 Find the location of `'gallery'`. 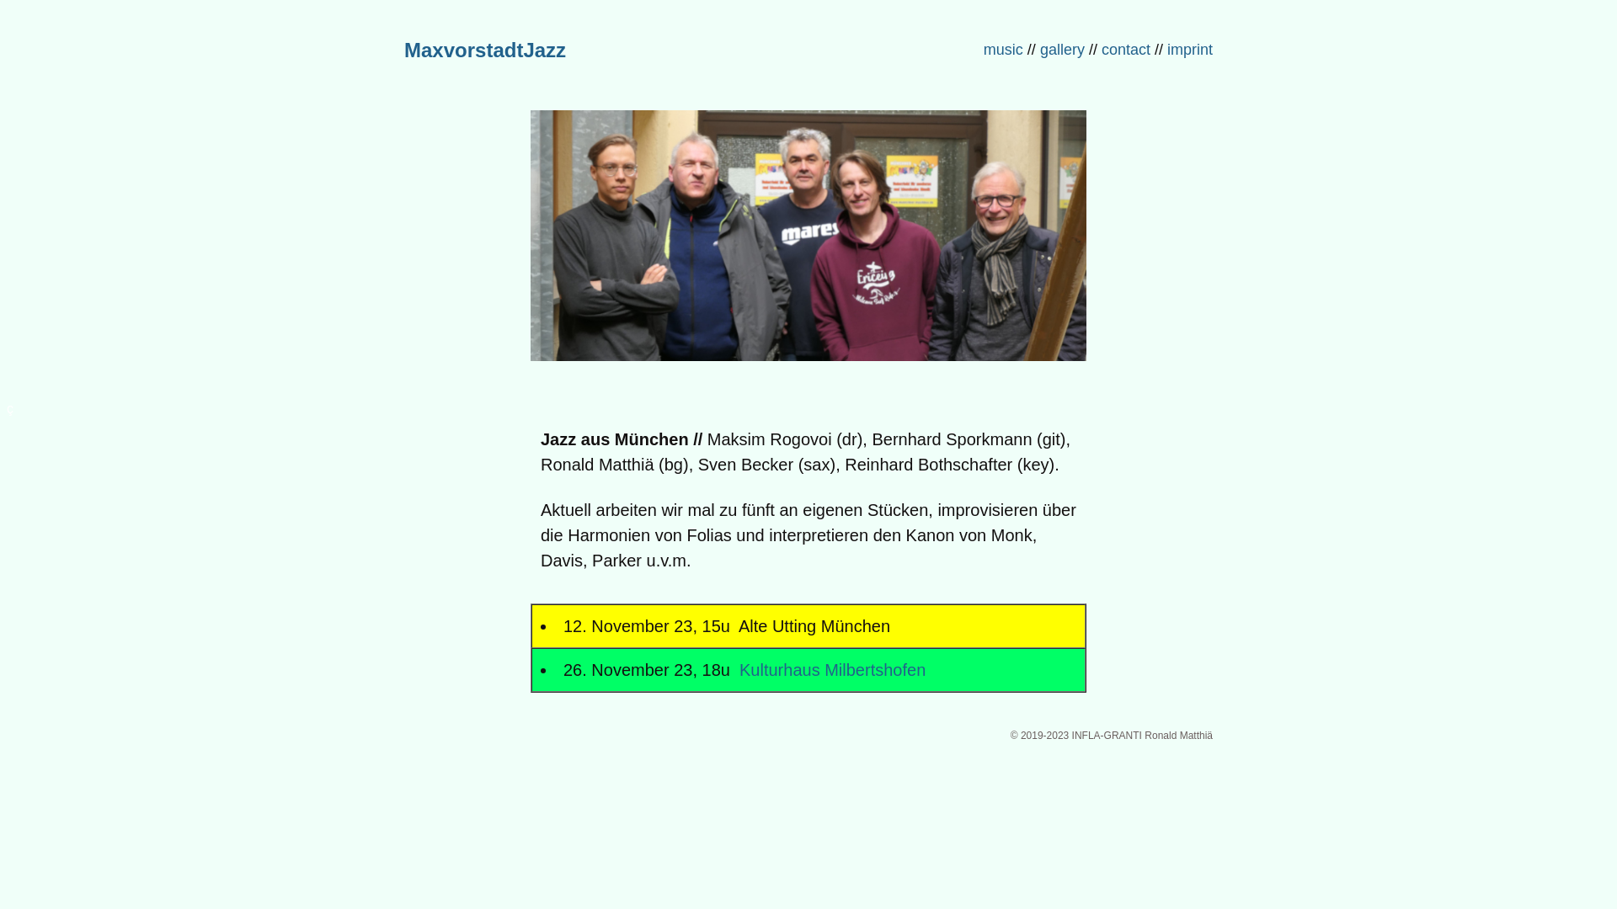

'gallery' is located at coordinates (1061, 48).